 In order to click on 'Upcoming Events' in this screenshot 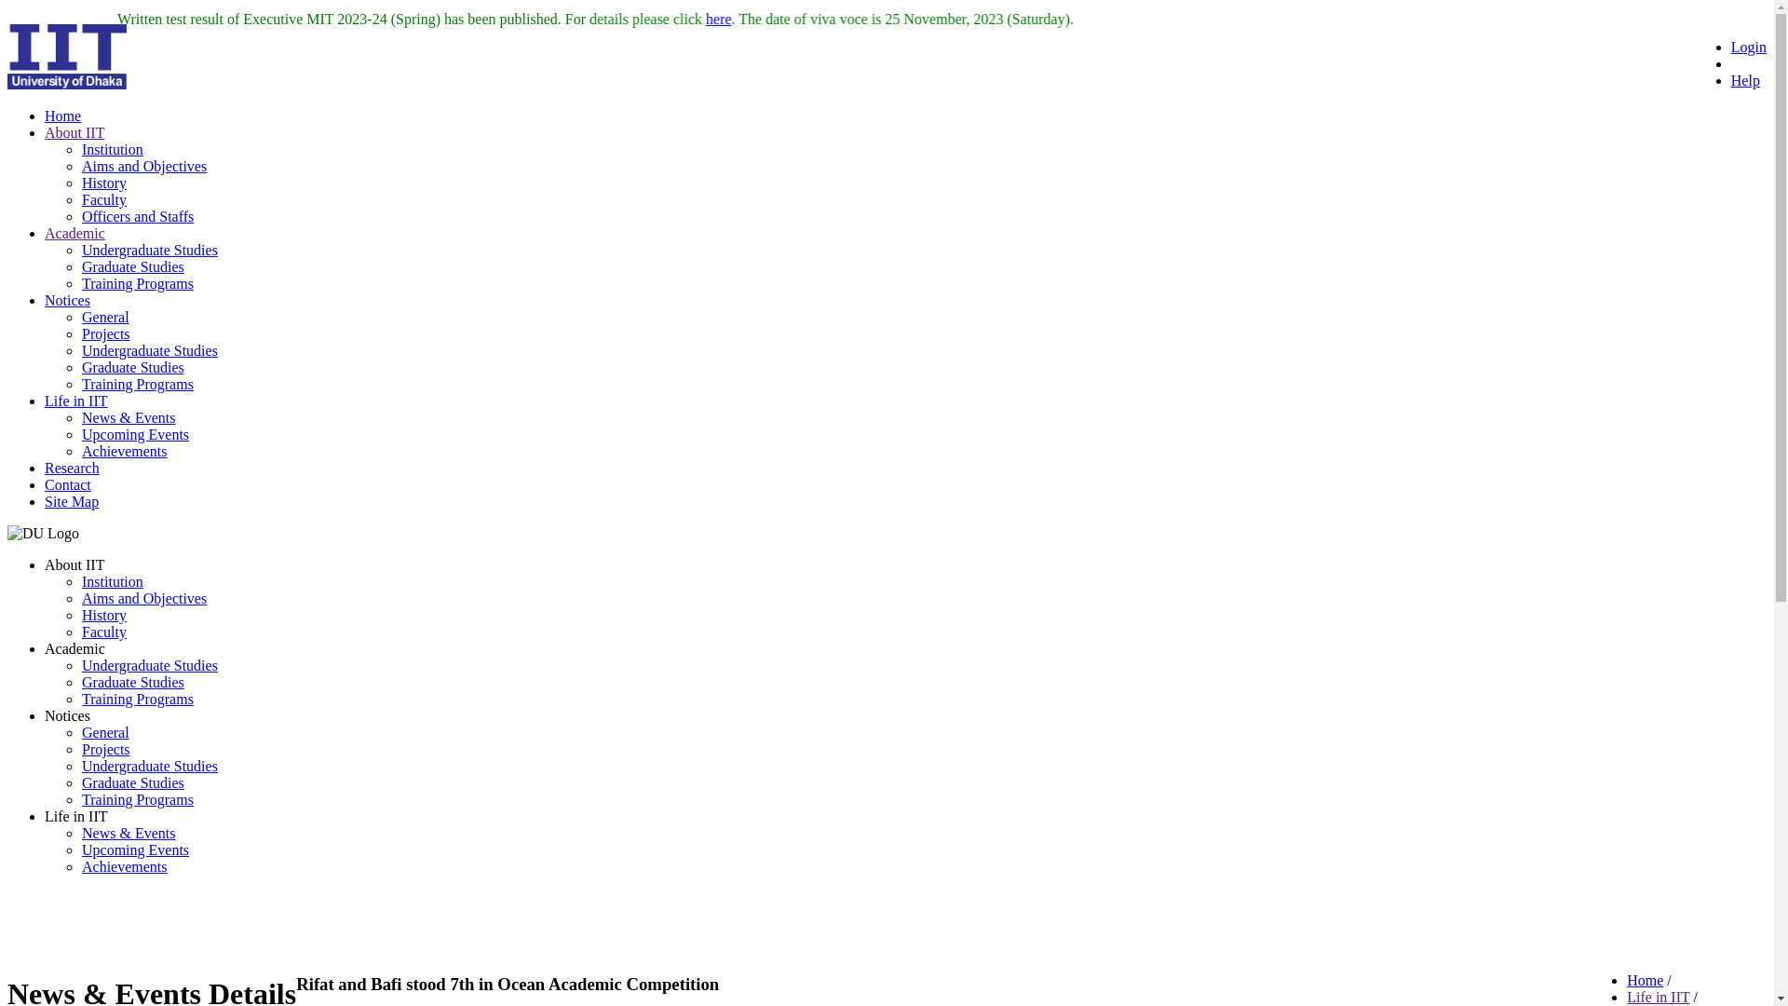, I will do `click(134, 434)`.